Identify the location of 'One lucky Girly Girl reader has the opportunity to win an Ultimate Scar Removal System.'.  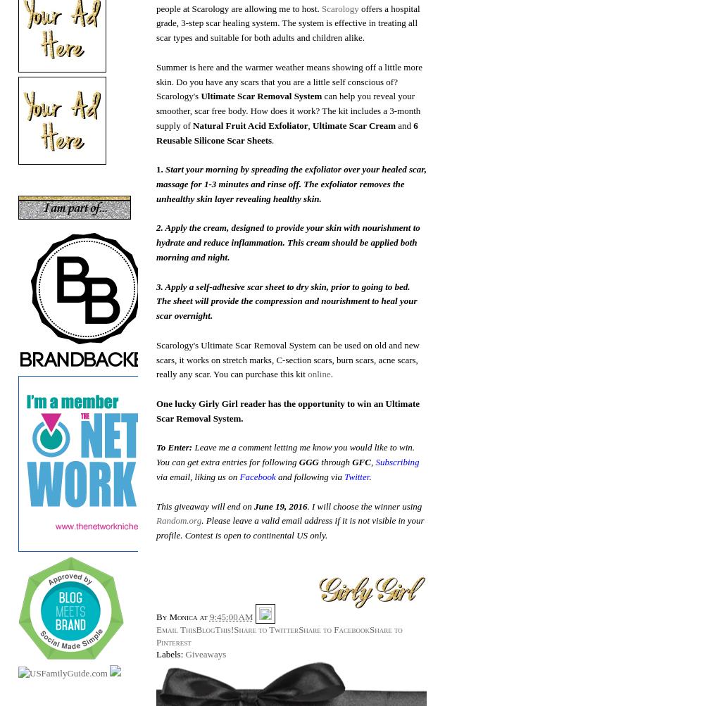
(287, 410).